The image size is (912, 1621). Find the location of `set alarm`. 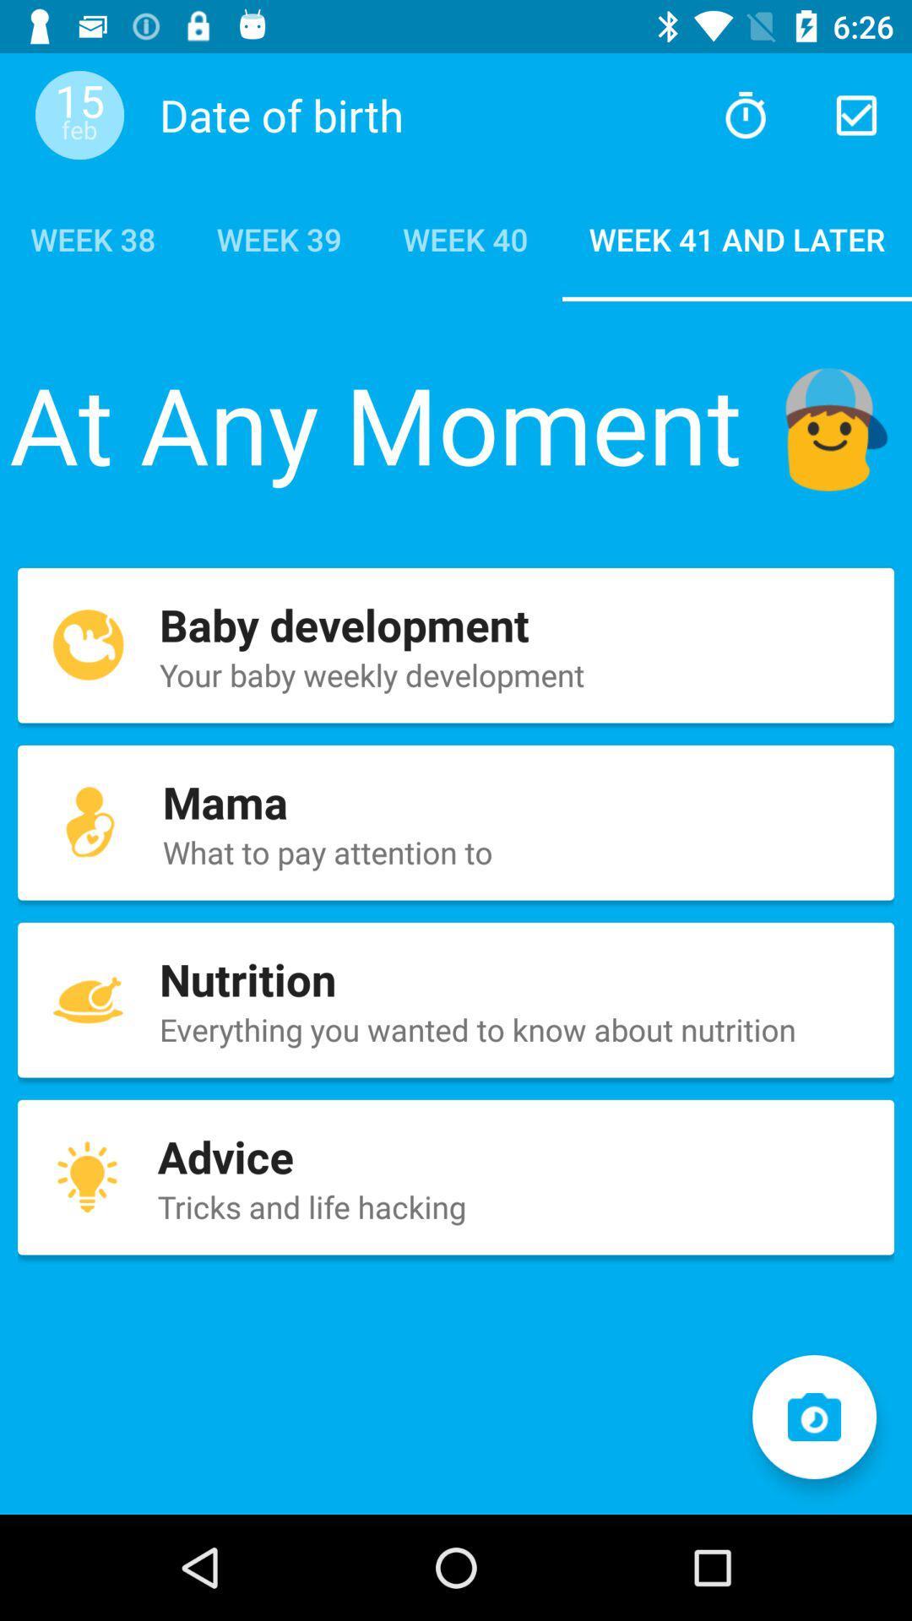

set alarm is located at coordinates (745, 114).